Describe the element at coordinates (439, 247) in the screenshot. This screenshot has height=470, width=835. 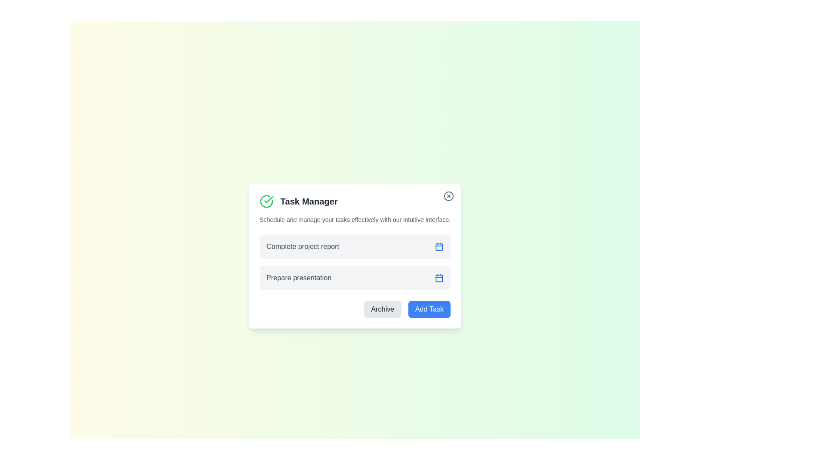
I see `the calendar icon associated with the task Complete project report` at that location.